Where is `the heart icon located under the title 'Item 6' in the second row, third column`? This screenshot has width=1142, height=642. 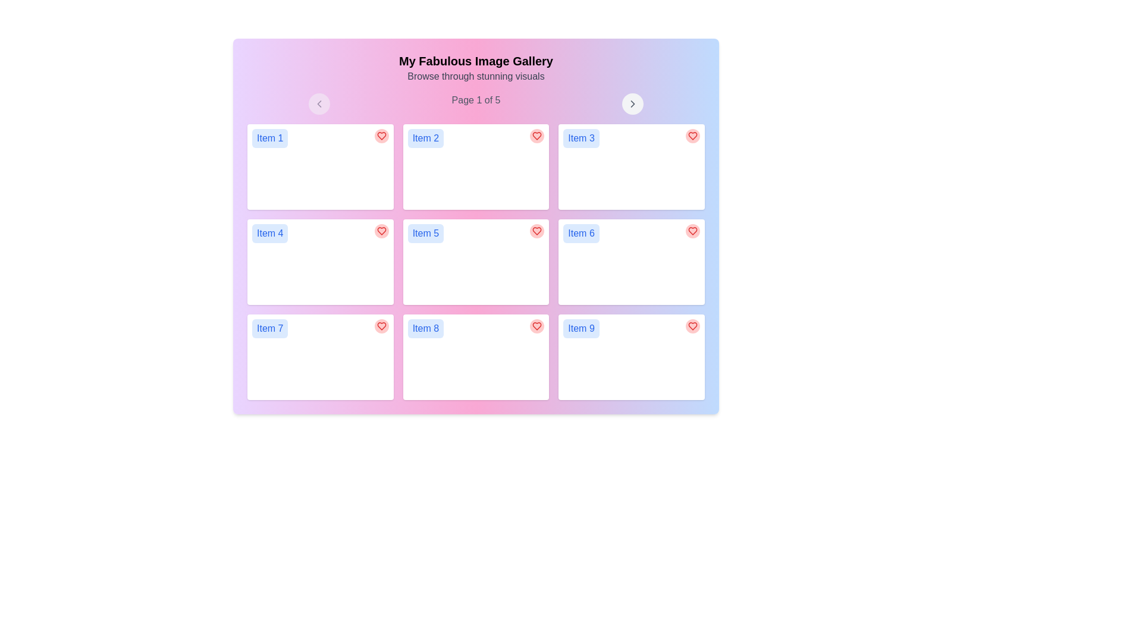
the heart icon located under the title 'Item 6' in the second row, third column is located at coordinates (693, 231).